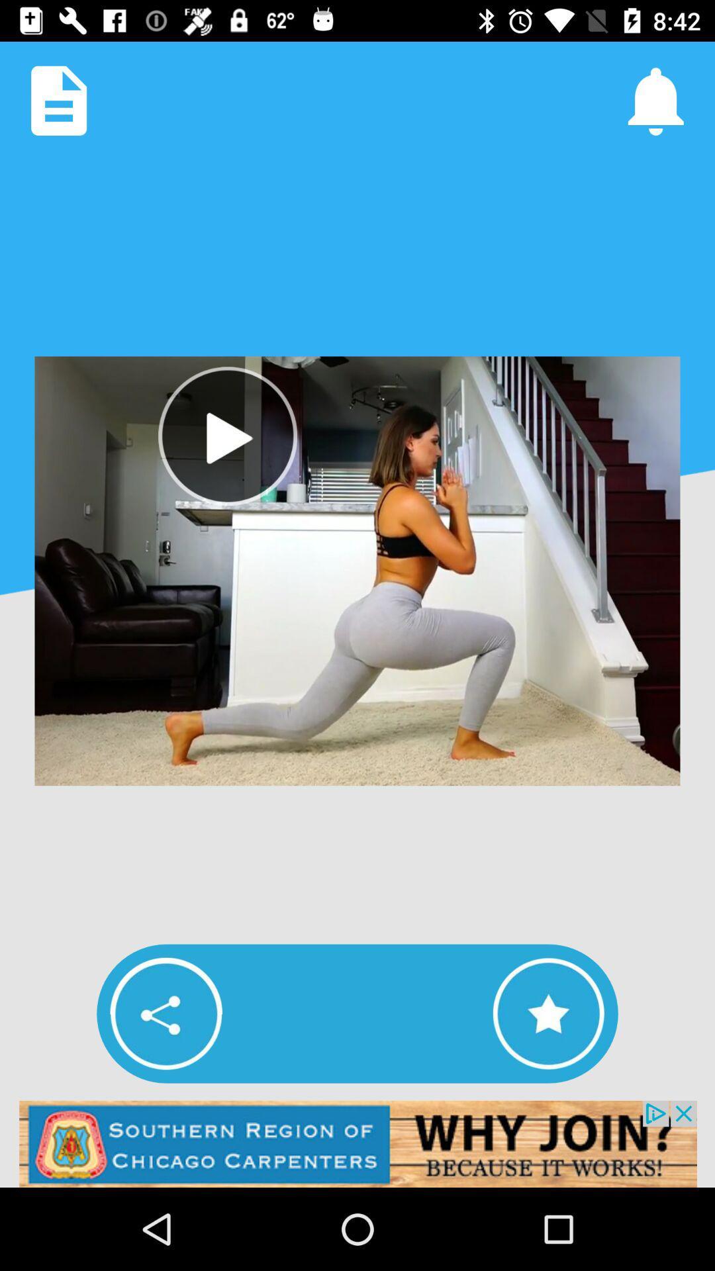  What do you see at coordinates (548, 1013) in the screenshot?
I see `to favorites` at bounding box center [548, 1013].